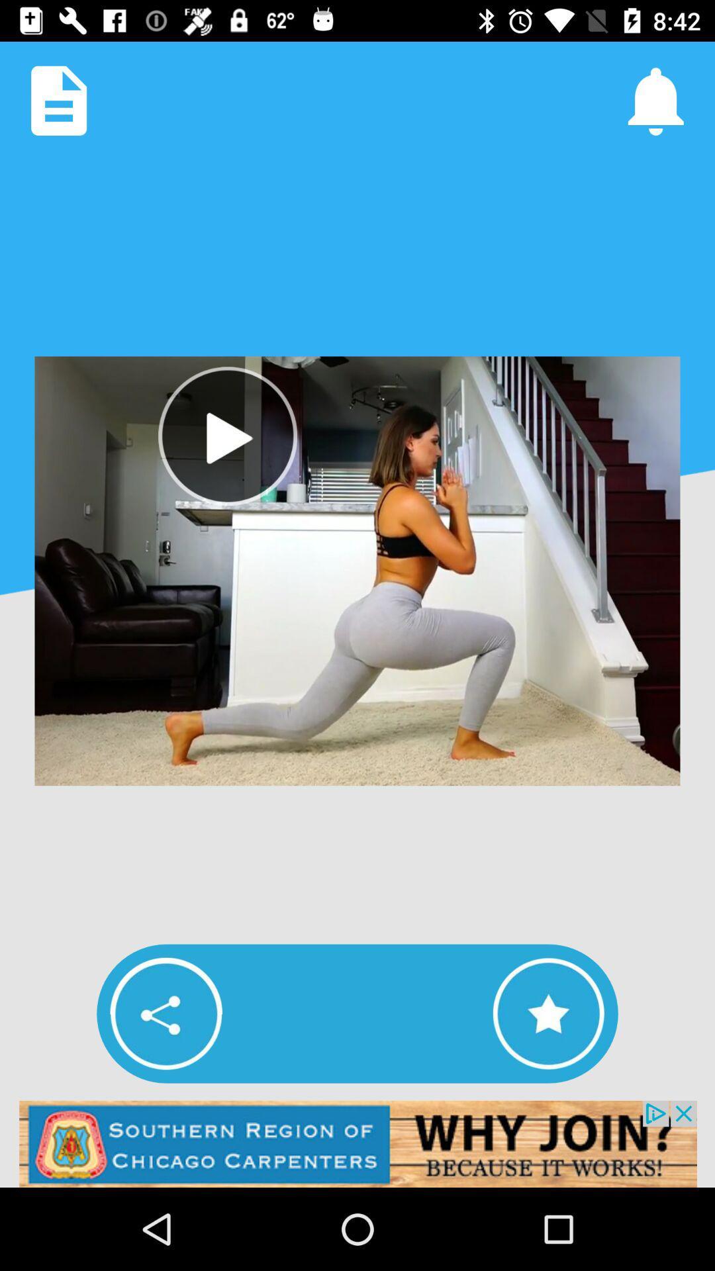  What do you see at coordinates (548, 1013) in the screenshot?
I see `to favorites` at bounding box center [548, 1013].